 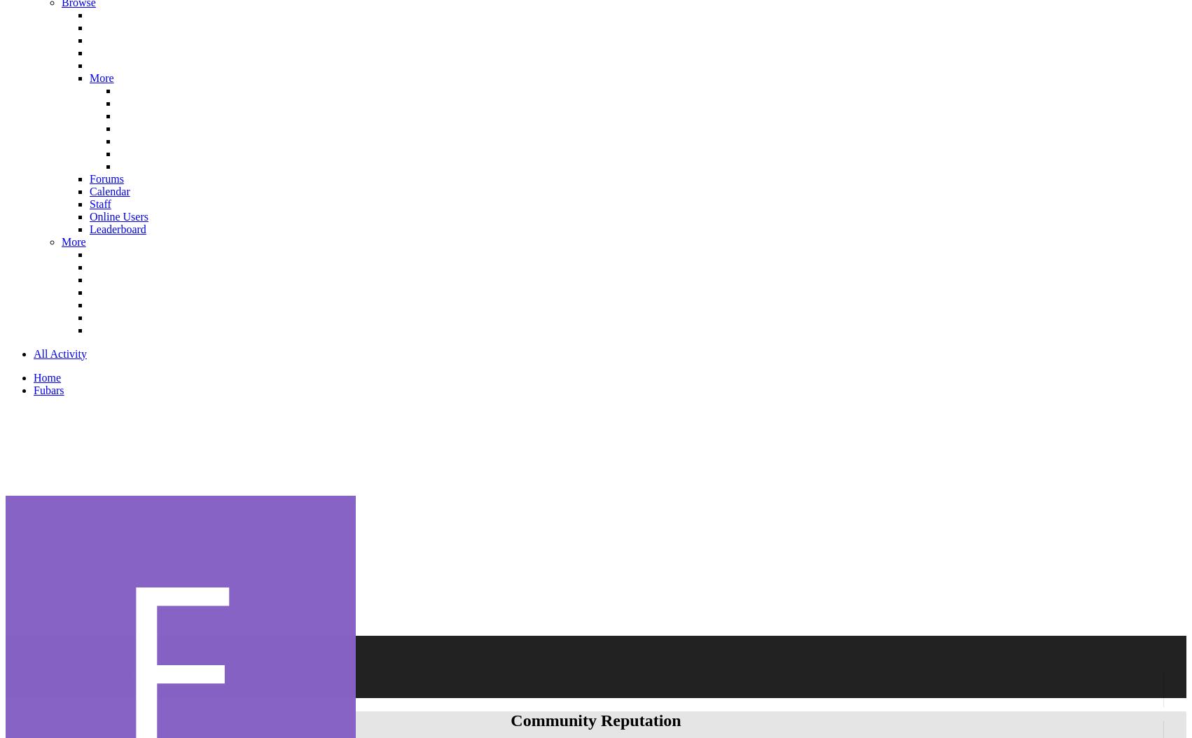 I want to click on 'See their activity', so click(x=209, y=648).